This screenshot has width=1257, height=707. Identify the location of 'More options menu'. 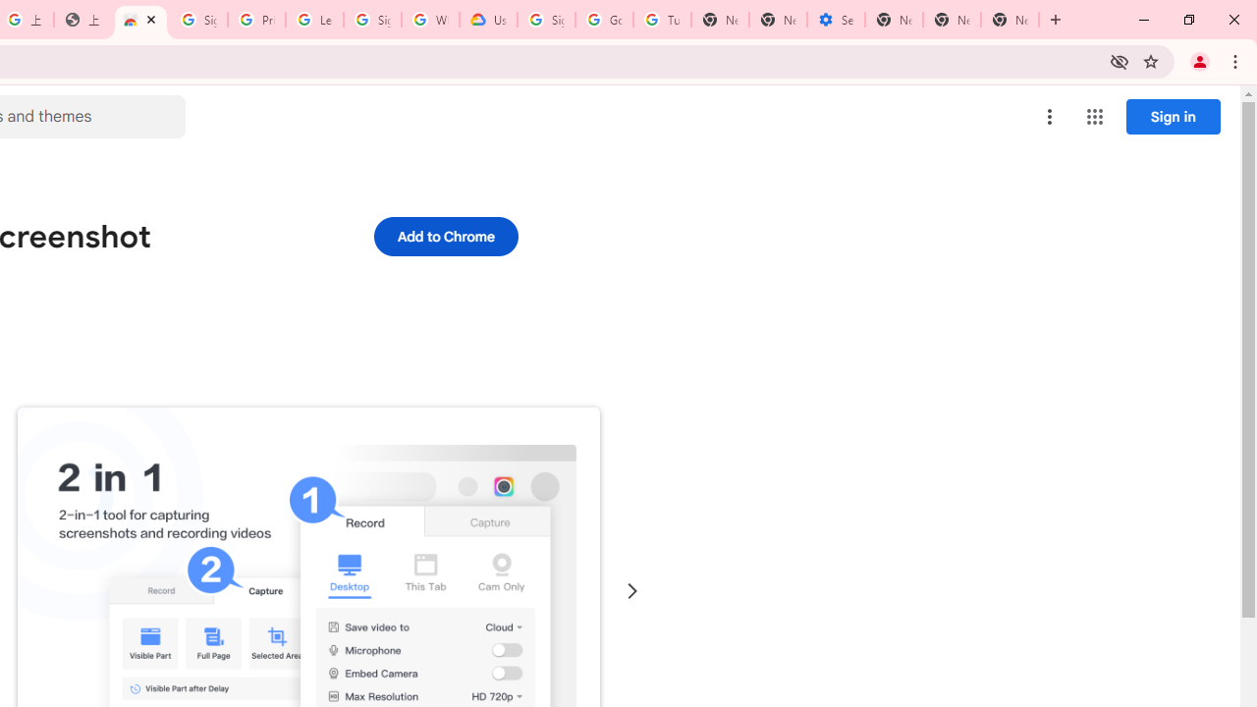
(1049, 117).